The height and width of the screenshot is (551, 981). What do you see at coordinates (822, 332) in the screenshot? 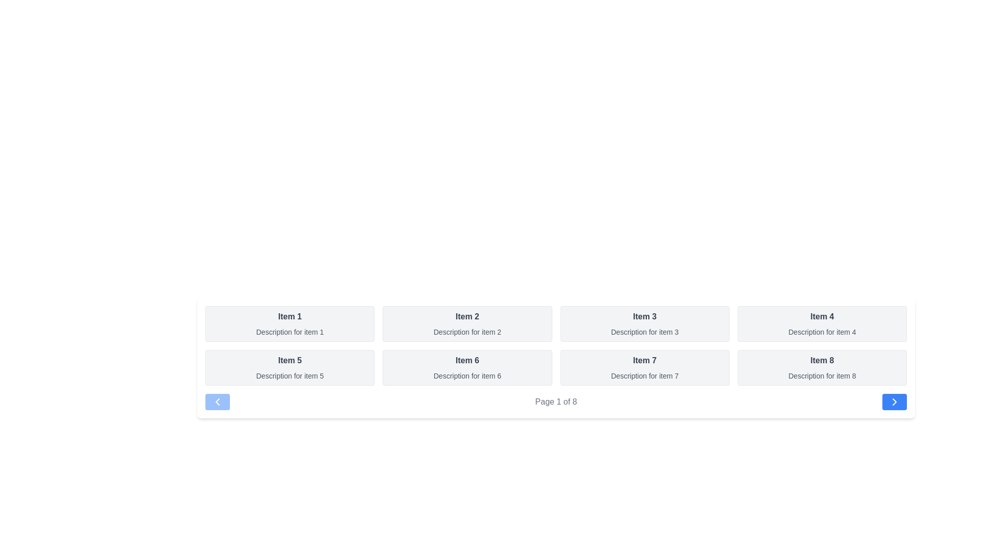
I see `the text label displaying 'Description for item 4', which is styled with a gray font color and smaller text size, located beneath the heading 'Item 4' in the fourth position of the top row of a grid layout` at bounding box center [822, 332].